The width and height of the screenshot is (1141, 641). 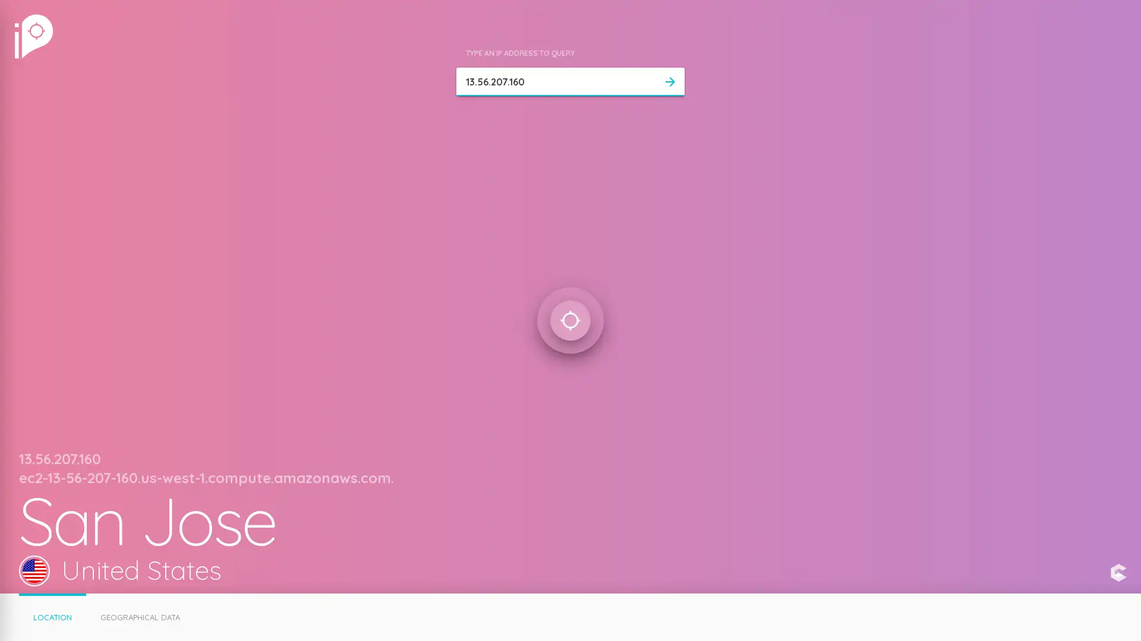 I want to click on arrow_forward, so click(x=670, y=81).